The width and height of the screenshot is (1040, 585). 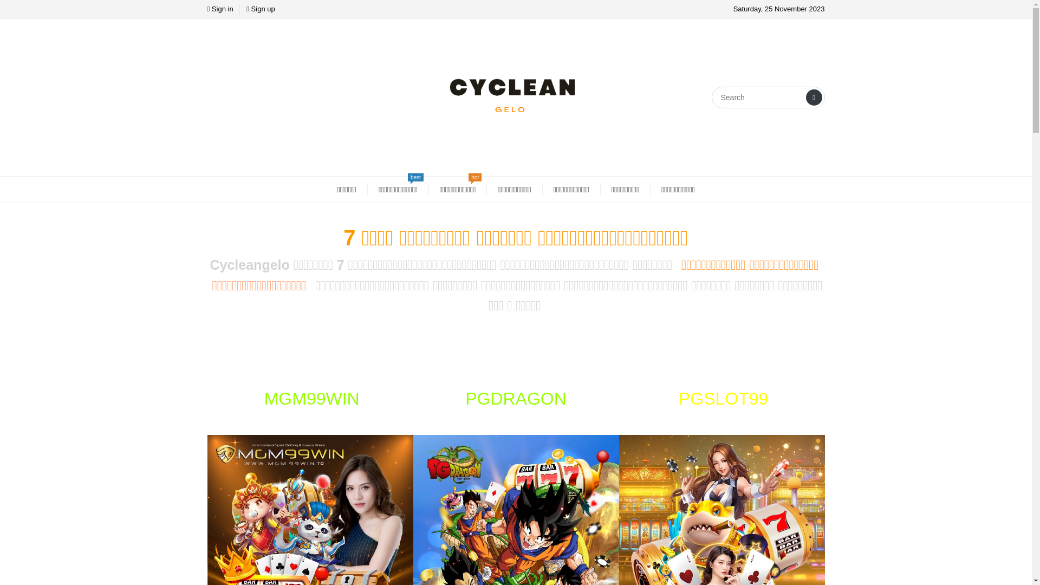 What do you see at coordinates (260, 9) in the screenshot?
I see `'Sign up'` at bounding box center [260, 9].